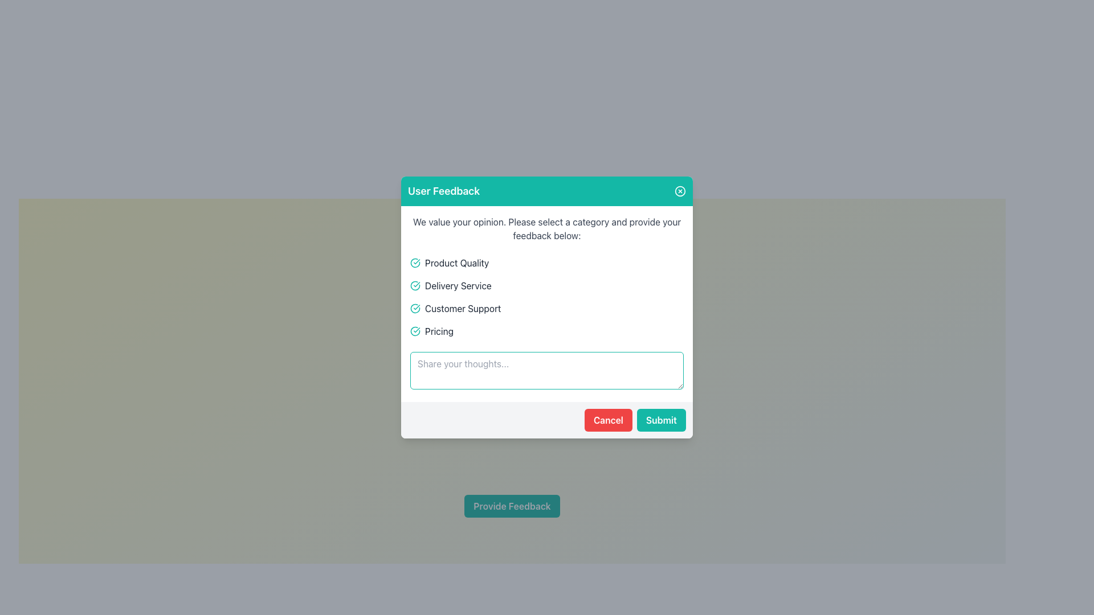  Describe the element at coordinates (463, 309) in the screenshot. I see `the 'Customer Support' text label in the feedback form` at that location.